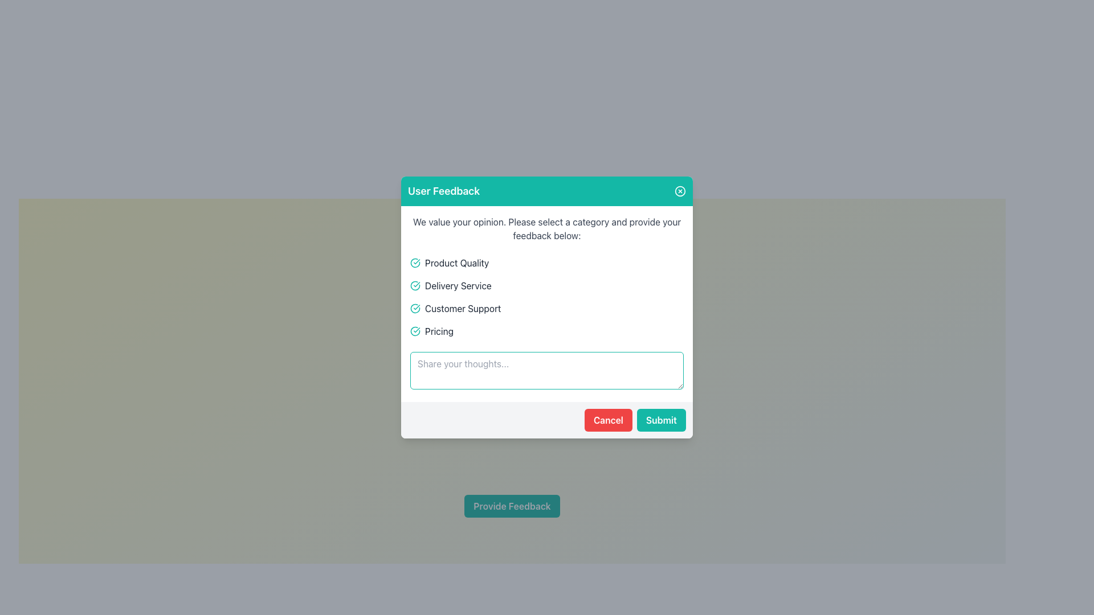  Describe the element at coordinates (463, 309) in the screenshot. I see `the 'Customer Support' text label in the feedback form` at that location.